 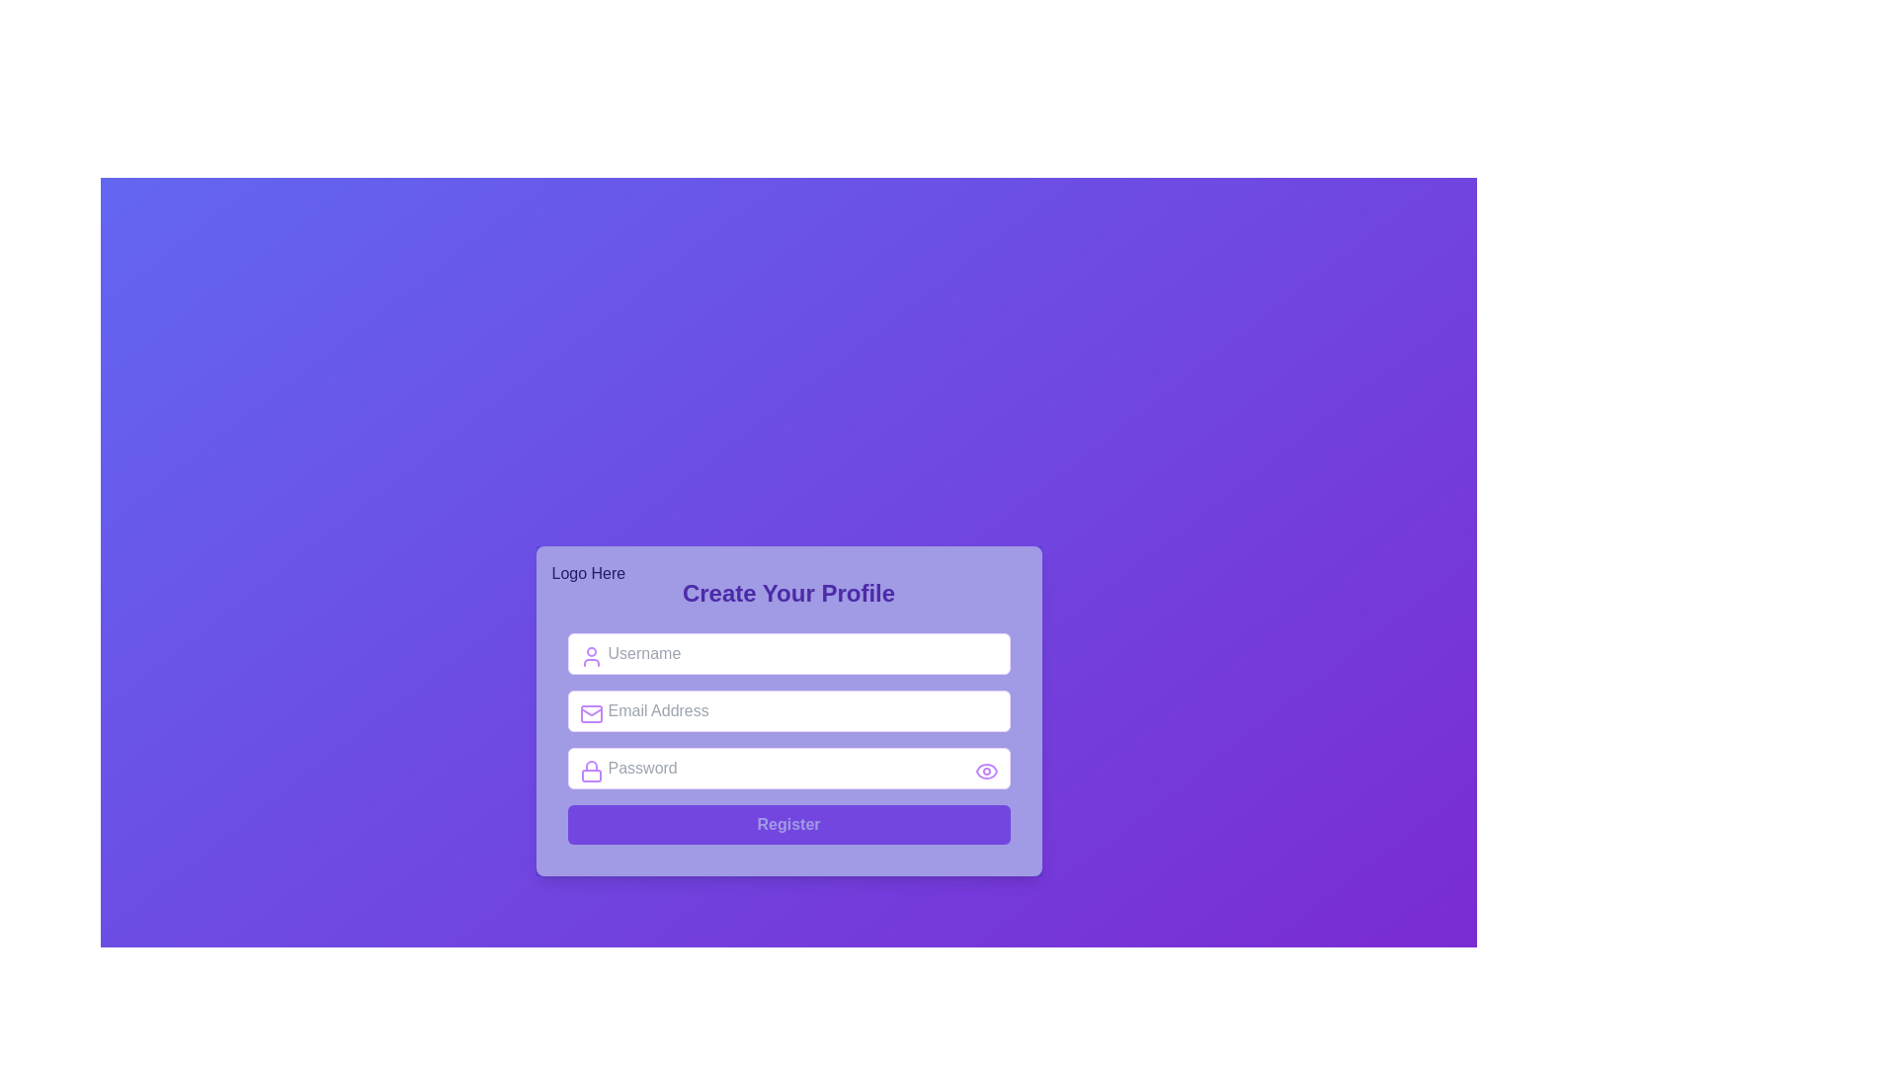 I want to click on the rectangular part of the envelope icon, which is situated on the left side of the 'Email Address' text input field in the 'Create Your Profile' form, so click(x=590, y=713).